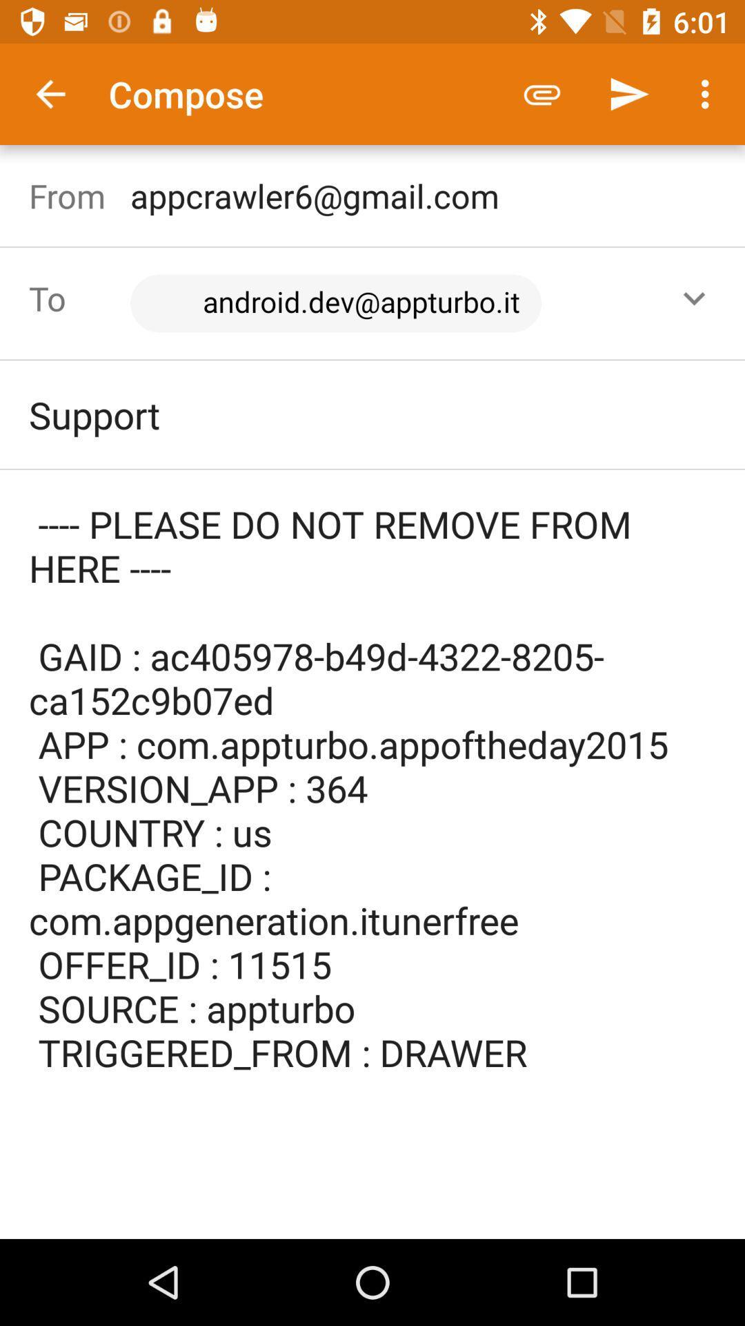 This screenshot has width=745, height=1326. Describe the element at coordinates (379, 302) in the screenshot. I see `the item next to from item` at that location.